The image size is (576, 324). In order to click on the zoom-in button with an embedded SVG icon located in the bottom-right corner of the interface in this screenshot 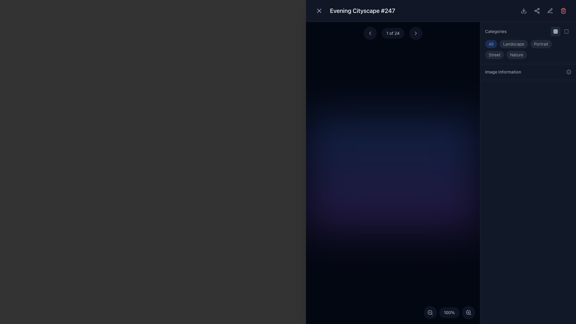, I will do `click(468, 312)`.